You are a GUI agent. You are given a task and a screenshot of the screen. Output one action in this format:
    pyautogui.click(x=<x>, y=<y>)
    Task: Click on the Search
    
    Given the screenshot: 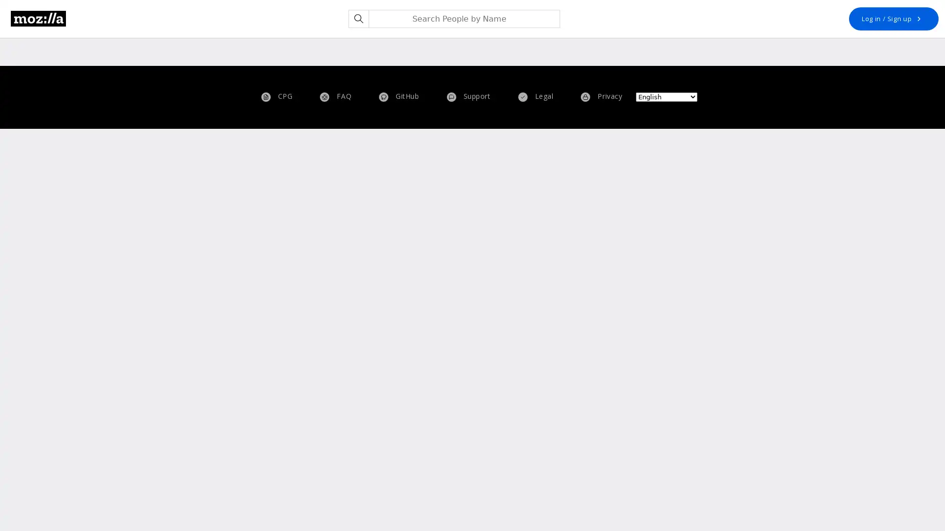 What is the action you would take?
    pyautogui.click(x=358, y=18)
    